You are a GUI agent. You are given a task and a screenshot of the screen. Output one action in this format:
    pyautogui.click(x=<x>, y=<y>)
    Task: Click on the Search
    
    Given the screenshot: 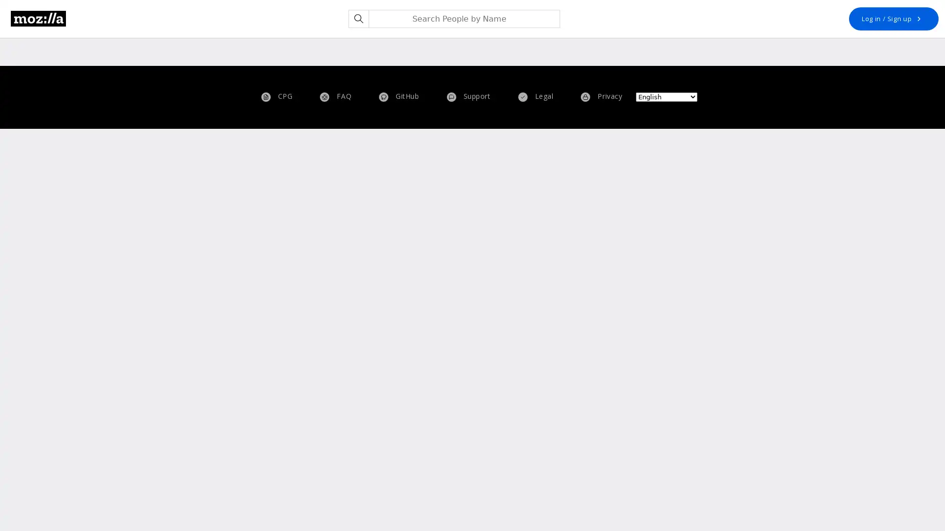 What is the action you would take?
    pyautogui.click(x=358, y=18)
    